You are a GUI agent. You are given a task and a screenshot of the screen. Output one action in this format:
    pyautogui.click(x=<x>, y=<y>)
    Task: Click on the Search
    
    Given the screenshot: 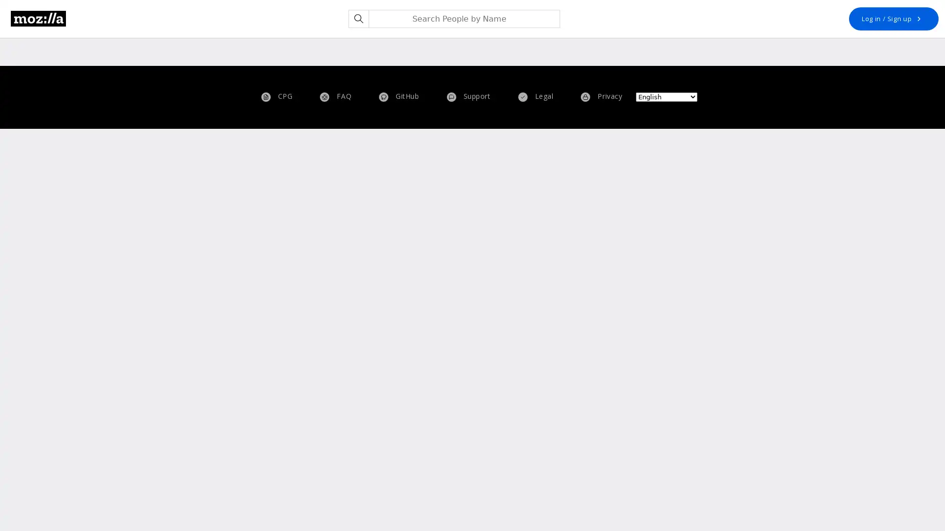 What is the action you would take?
    pyautogui.click(x=358, y=18)
    